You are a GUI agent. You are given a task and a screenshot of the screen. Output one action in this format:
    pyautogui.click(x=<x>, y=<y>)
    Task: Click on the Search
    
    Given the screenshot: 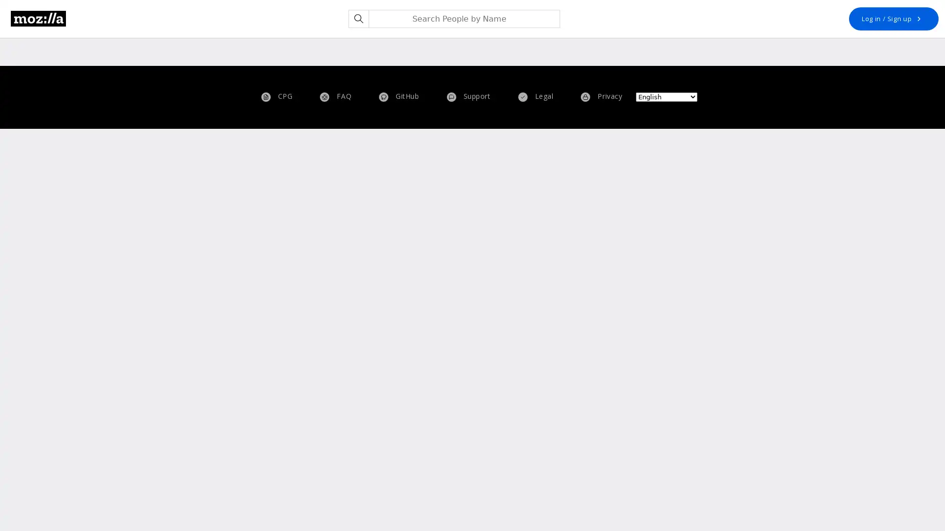 What is the action you would take?
    pyautogui.click(x=358, y=18)
    